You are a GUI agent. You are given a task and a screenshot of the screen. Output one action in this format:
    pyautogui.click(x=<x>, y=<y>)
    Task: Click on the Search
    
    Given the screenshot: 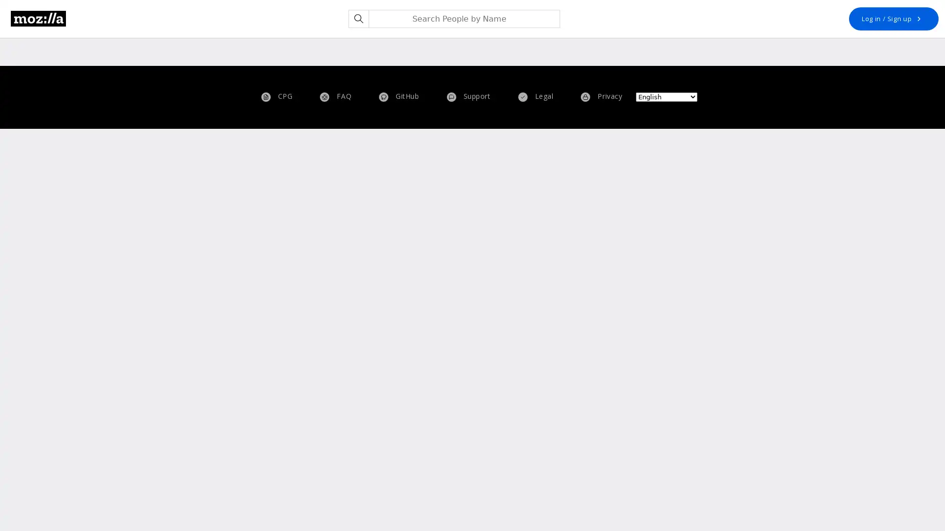 What is the action you would take?
    pyautogui.click(x=358, y=18)
    